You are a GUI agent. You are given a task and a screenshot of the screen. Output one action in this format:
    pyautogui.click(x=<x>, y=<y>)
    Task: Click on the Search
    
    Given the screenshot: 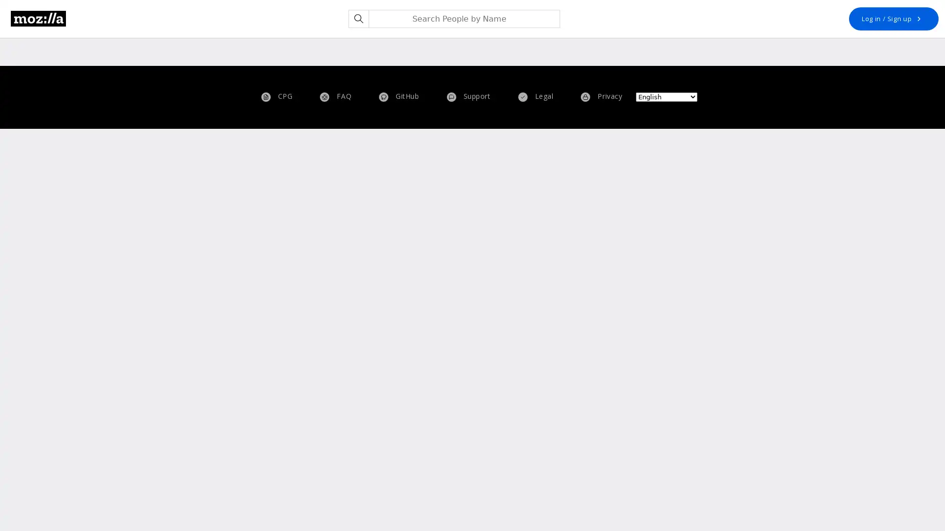 What is the action you would take?
    pyautogui.click(x=358, y=18)
    